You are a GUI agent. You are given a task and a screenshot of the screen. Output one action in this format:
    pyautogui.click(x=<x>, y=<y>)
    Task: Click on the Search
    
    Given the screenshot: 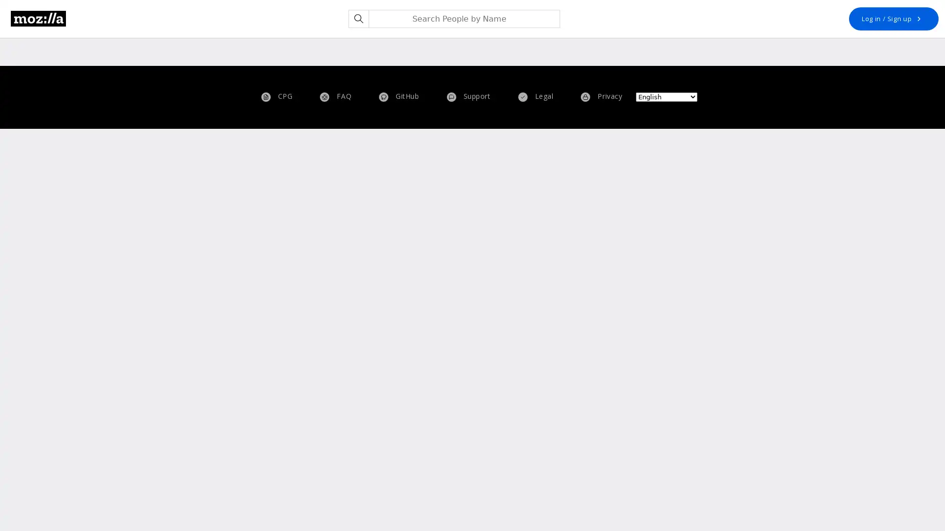 What is the action you would take?
    pyautogui.click(x=358, y=18)
    